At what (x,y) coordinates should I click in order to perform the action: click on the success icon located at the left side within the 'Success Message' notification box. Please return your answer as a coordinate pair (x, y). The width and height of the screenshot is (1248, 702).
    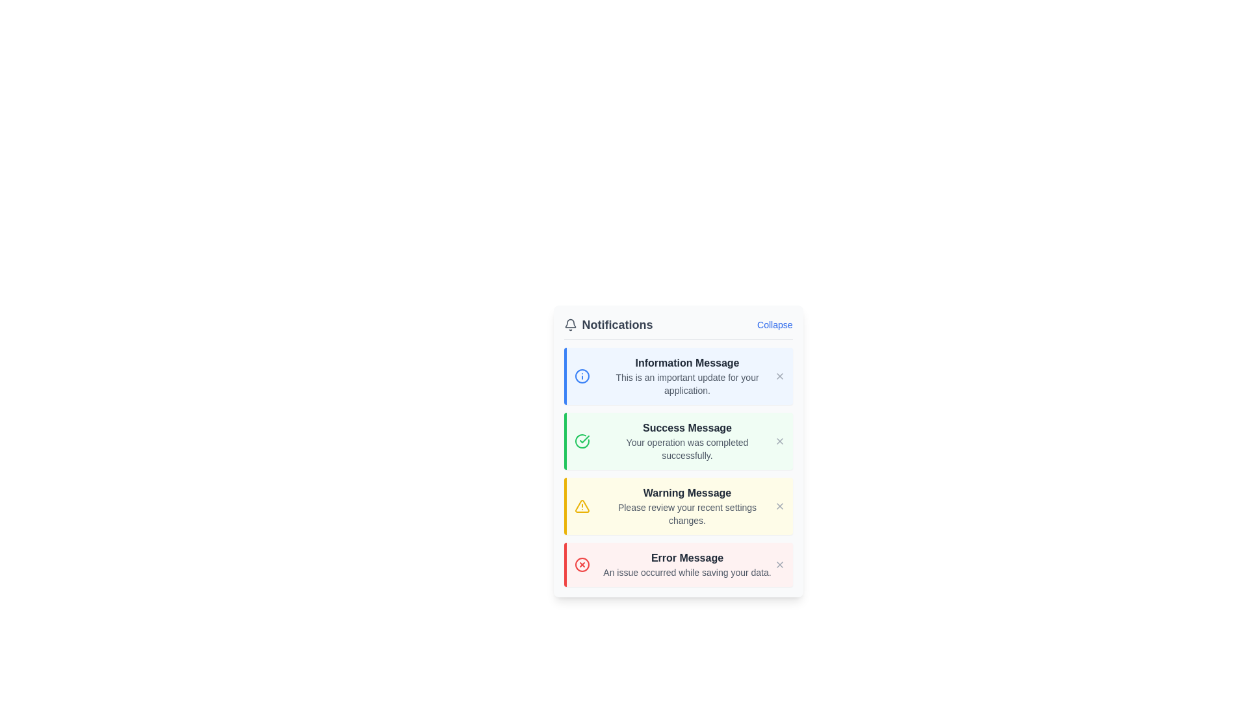
    Looking at the image, I should click on (581, 440).